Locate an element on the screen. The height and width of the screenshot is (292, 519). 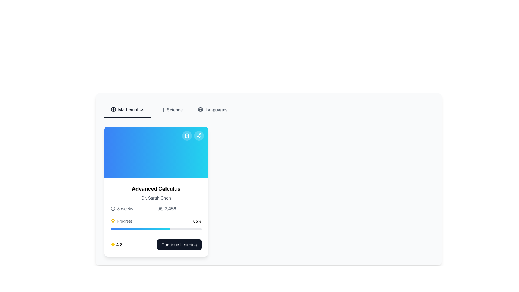
the white bookmark icon with a plus symbol located in the top-right corner of the card interface to bookmark is located at coordinates (187, 135).